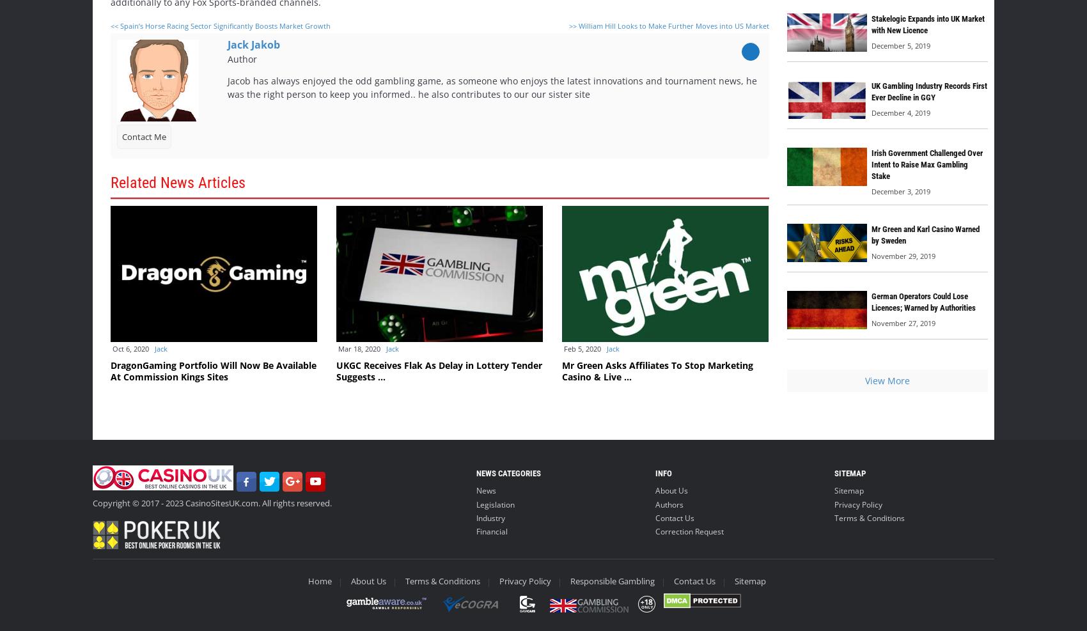 This screenshot has width=1087, height=631. Describe the element at coordinates (336, 348) in the screenshot. I see `'Mar 18, 2020'` at that location.